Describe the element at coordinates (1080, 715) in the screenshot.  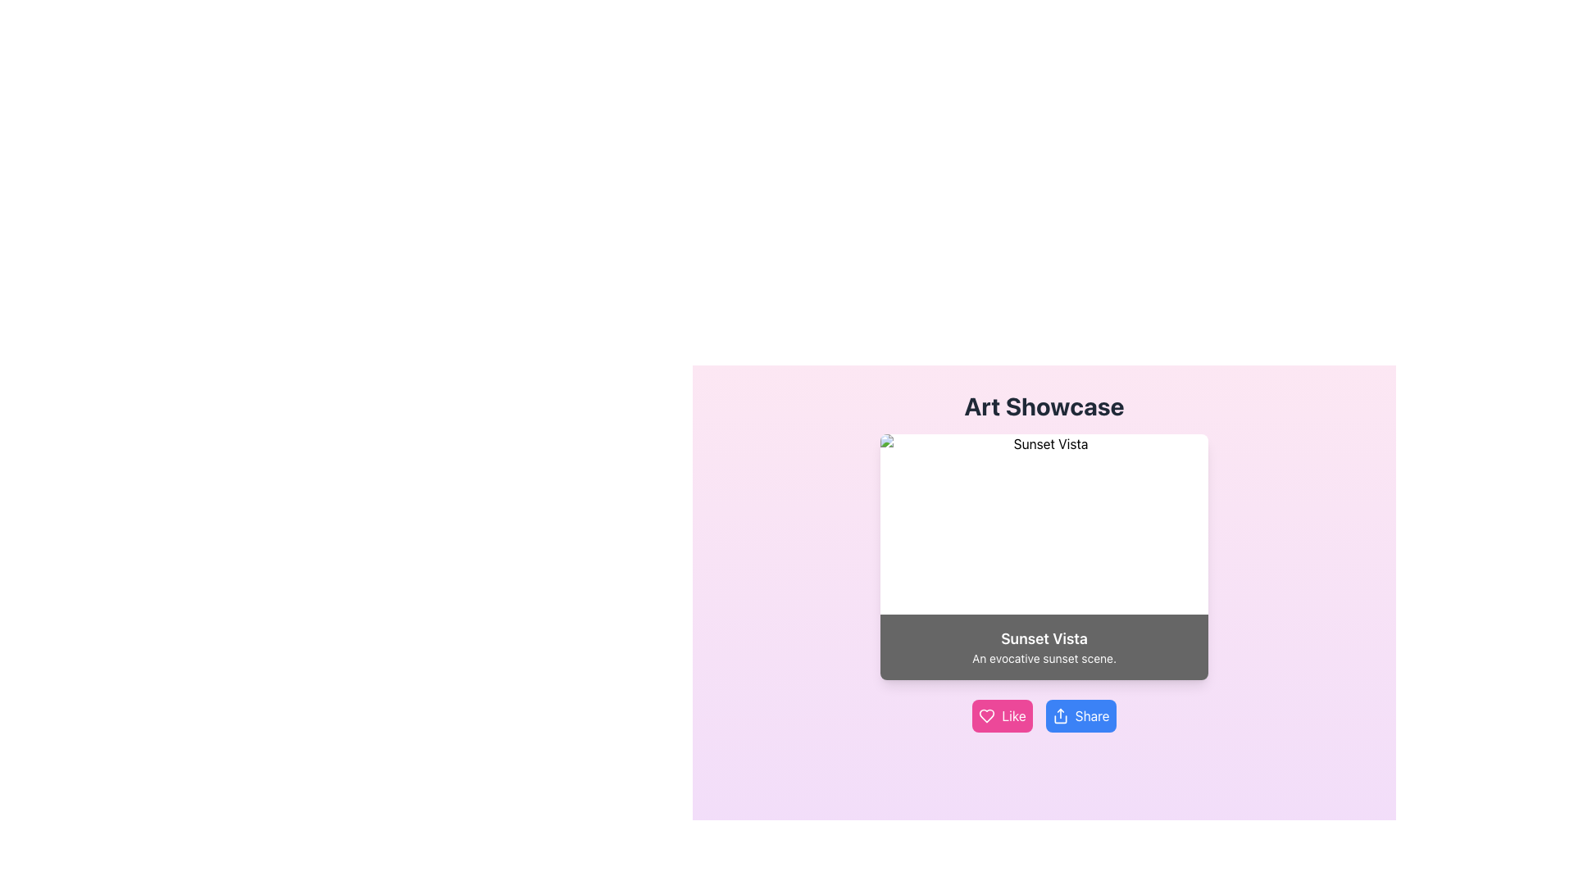
I see `the 'Share' button located at the bottom right of the 'Sunset Vista' content section to initiate sharing` at that location.